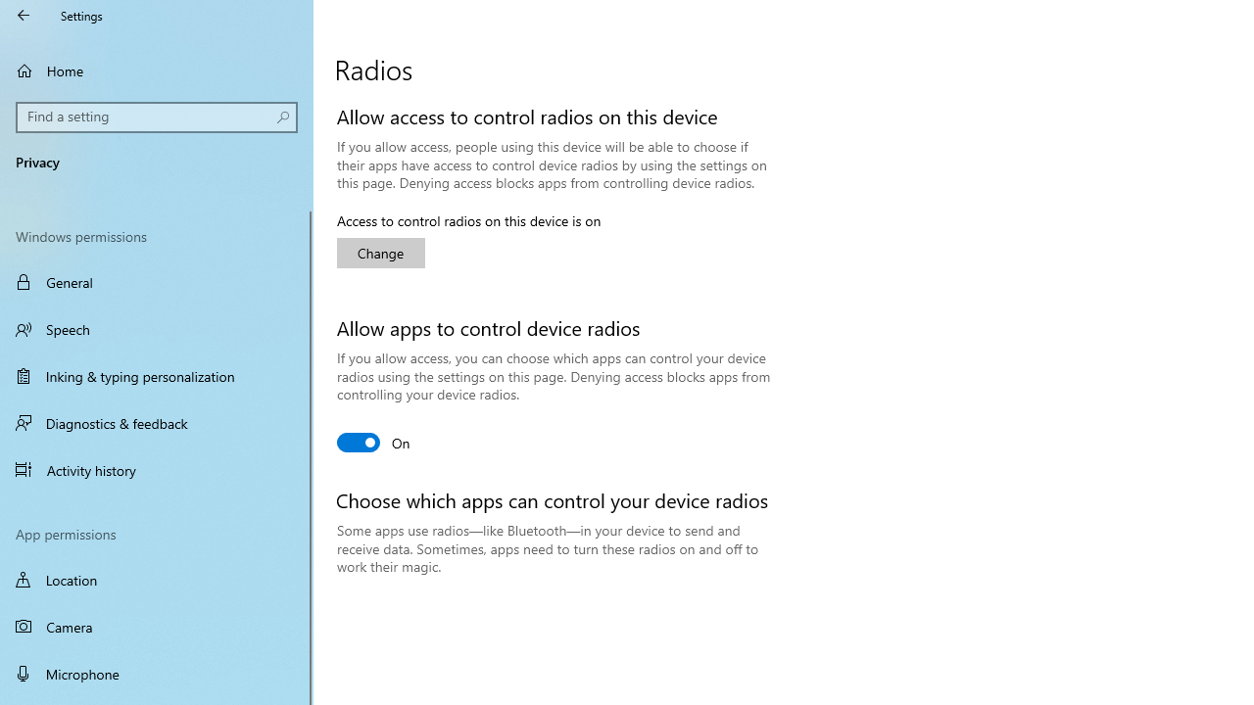 Image resolution: width=1254 pixels, height=705 pixels. I want to click on 'Search box, Find a setting', so click(157, 117).